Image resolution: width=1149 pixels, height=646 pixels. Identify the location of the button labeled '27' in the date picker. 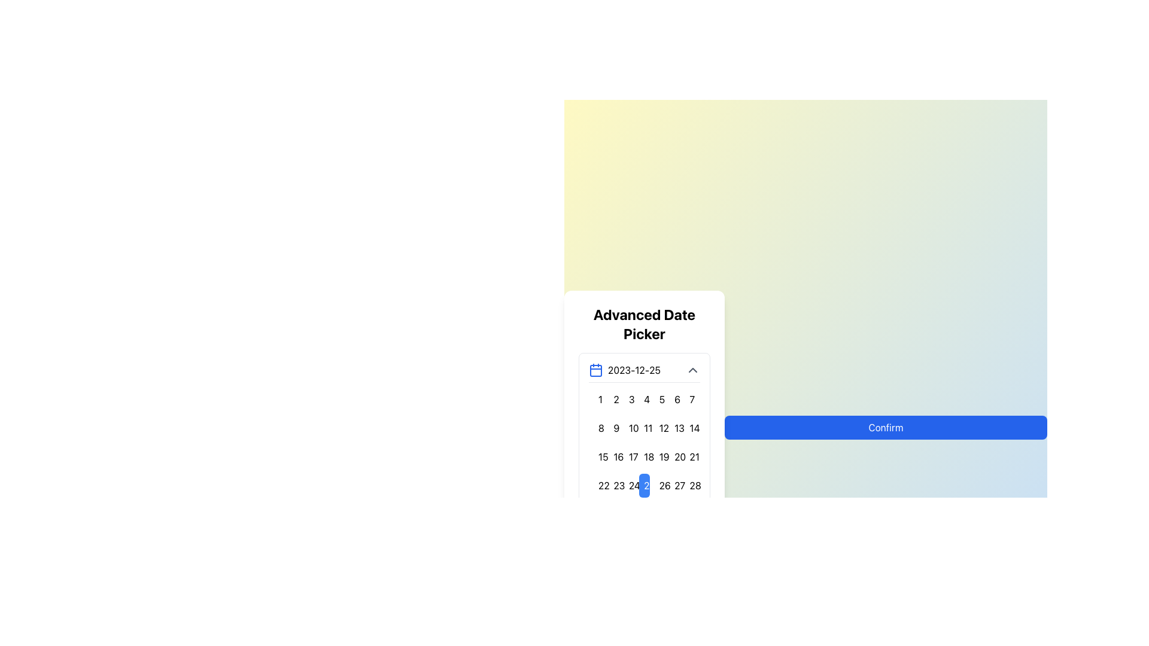
(674, 485).